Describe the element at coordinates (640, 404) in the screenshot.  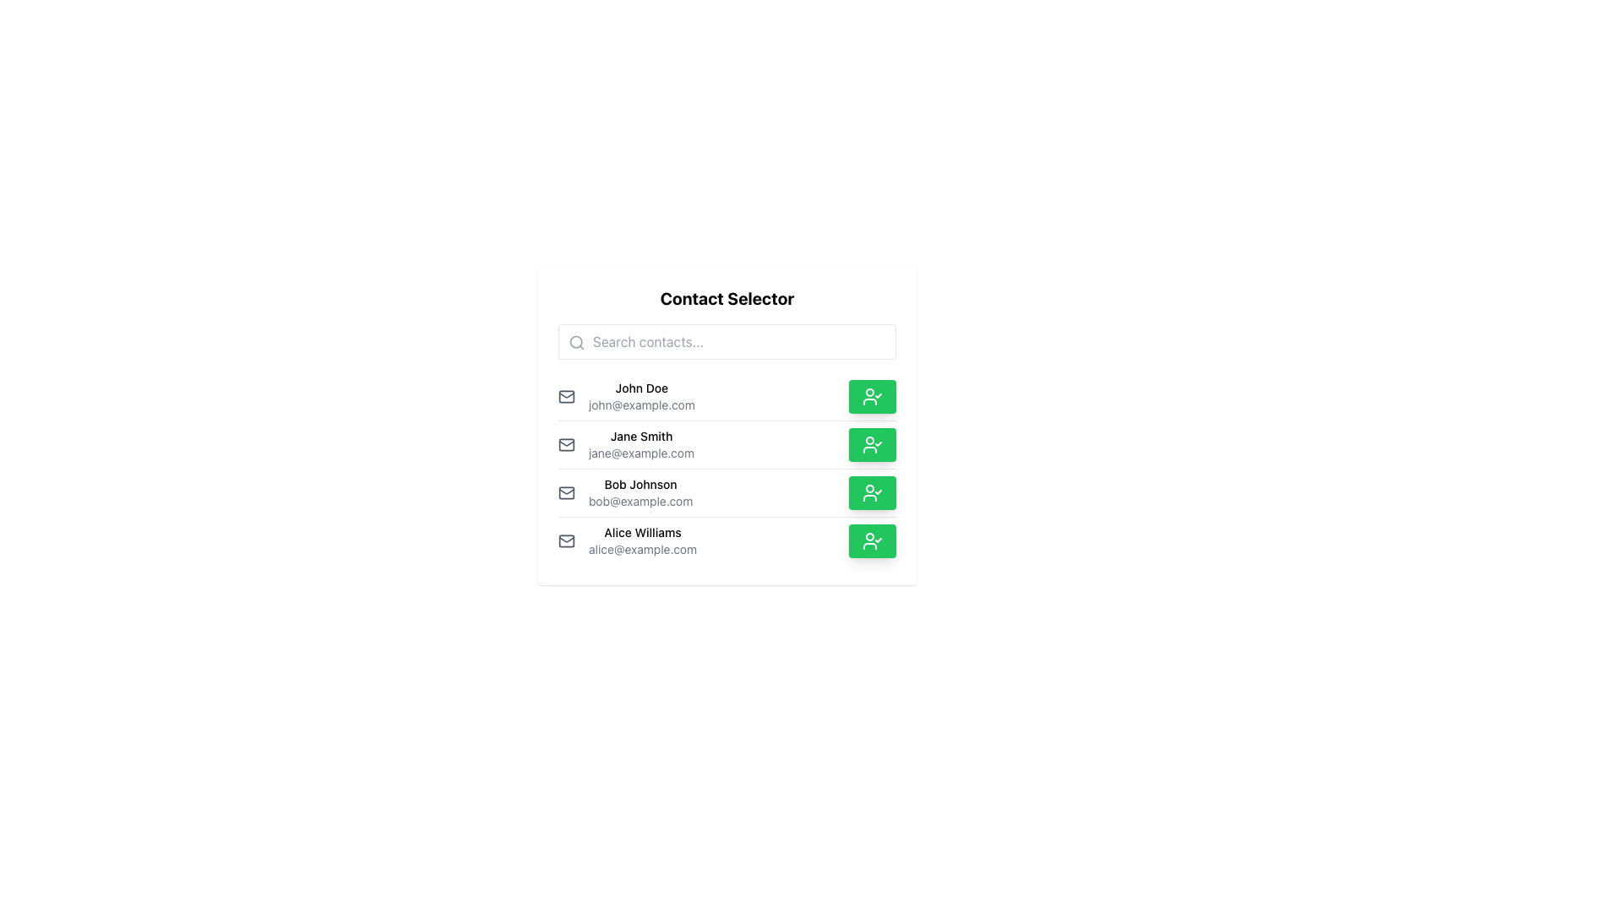
I see `the email text label displaying 'john@example.com', which is located below the name 'John Doe' in the contact list` at that location.